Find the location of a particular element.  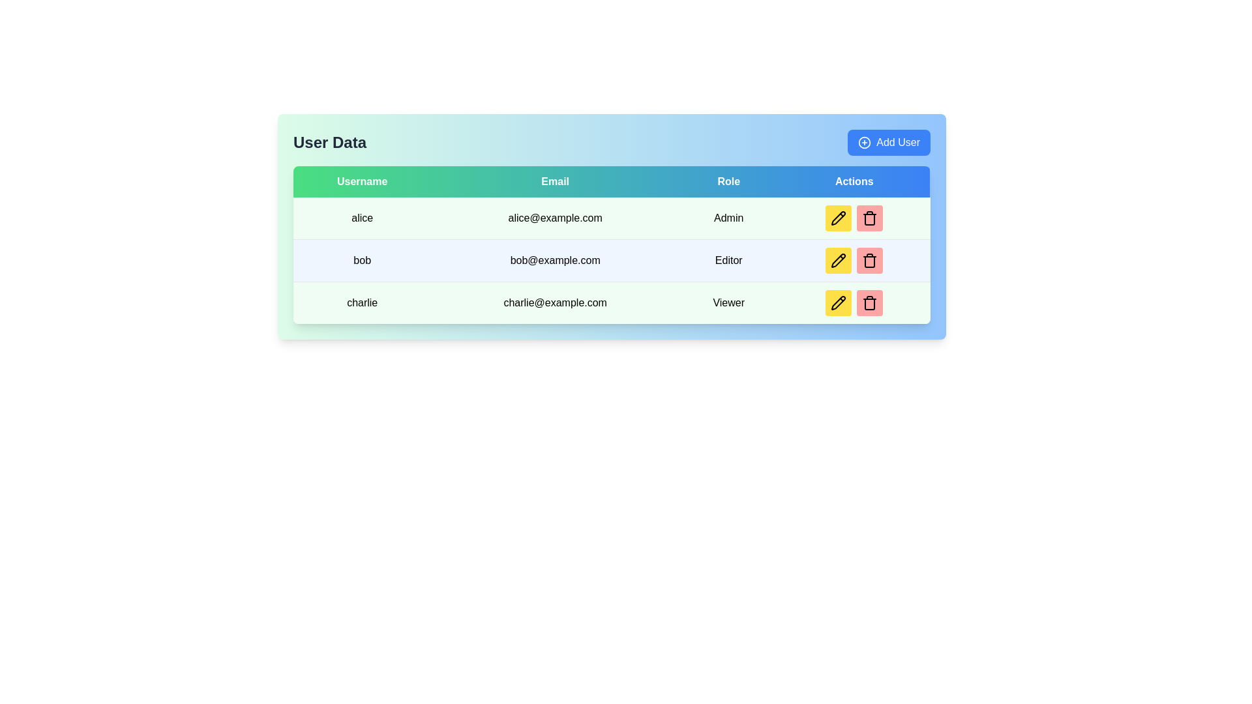

the static text element displaying the role 'Editor' for user 'bob' located in the 'Role' column, which is the third item in this row is located at coordinates (728, 261).